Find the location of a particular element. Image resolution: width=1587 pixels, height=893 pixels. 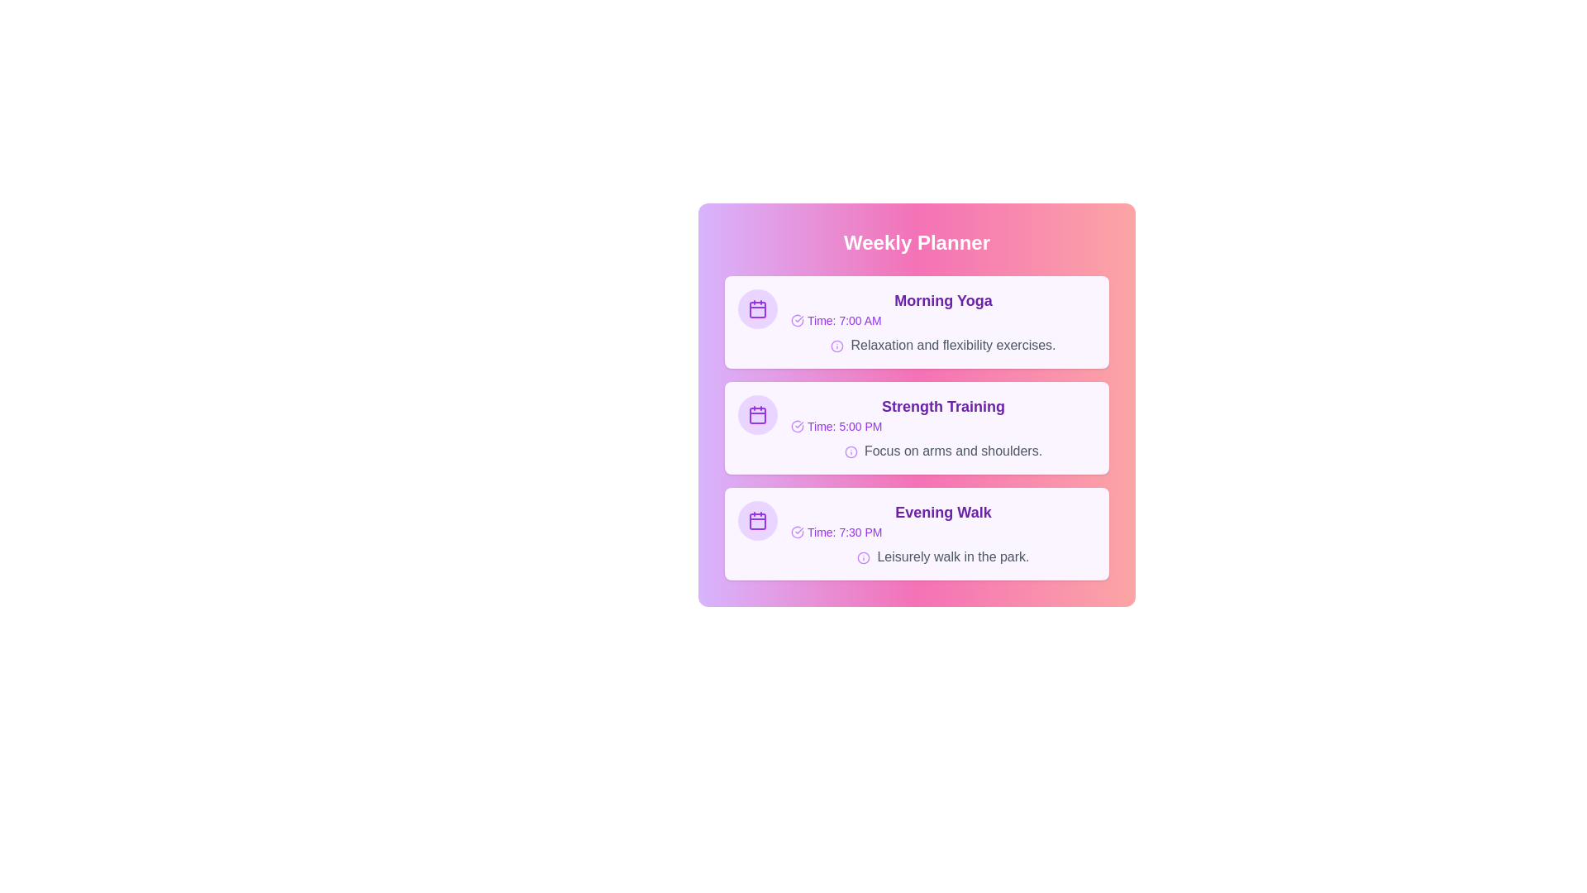

the list item corresponding to Strength Training is located at coordinates (916, 427).